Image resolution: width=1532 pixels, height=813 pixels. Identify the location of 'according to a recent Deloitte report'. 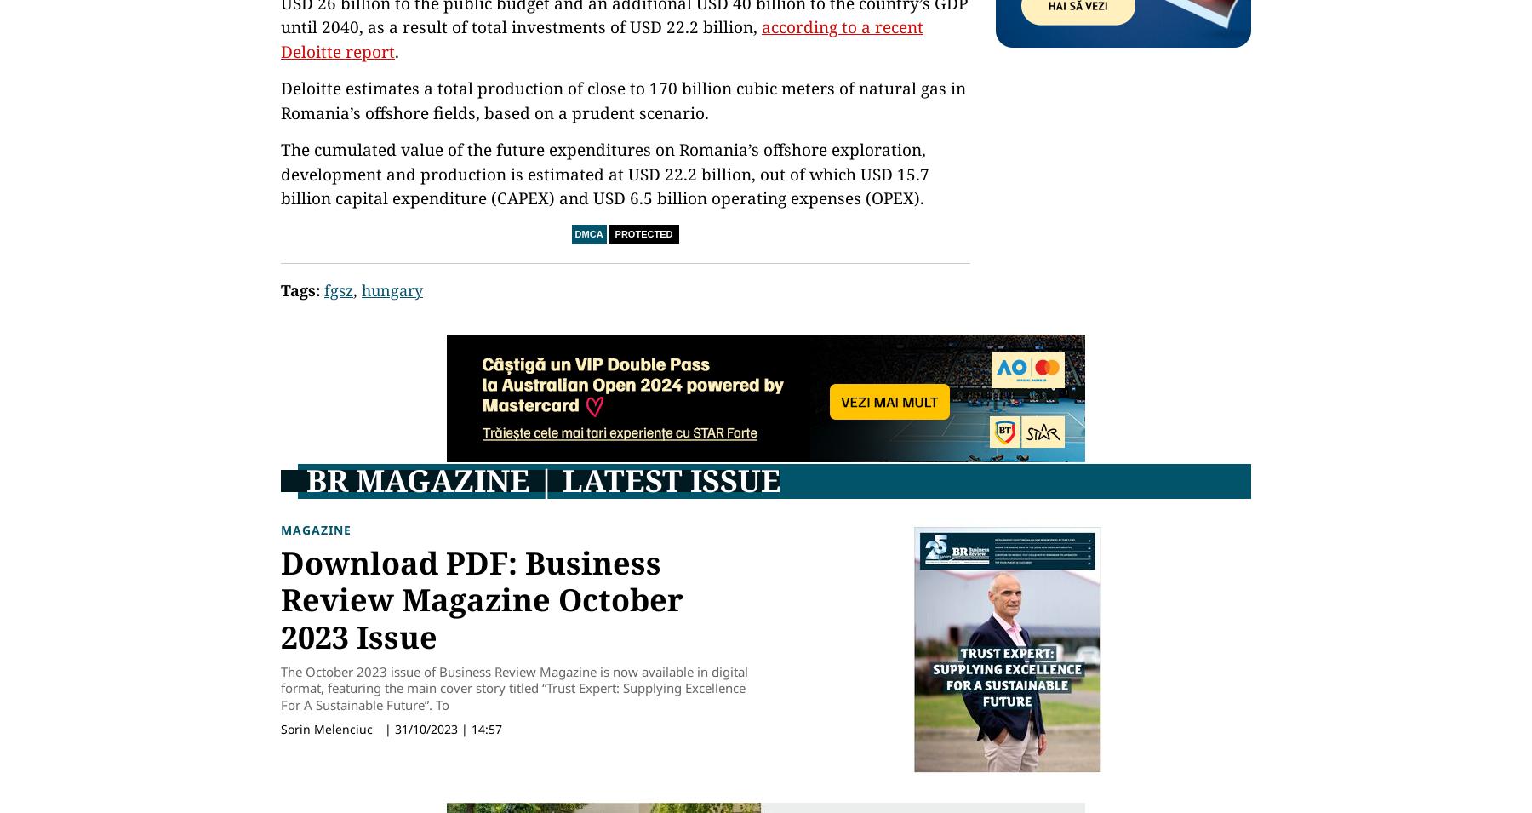
(601, 38).